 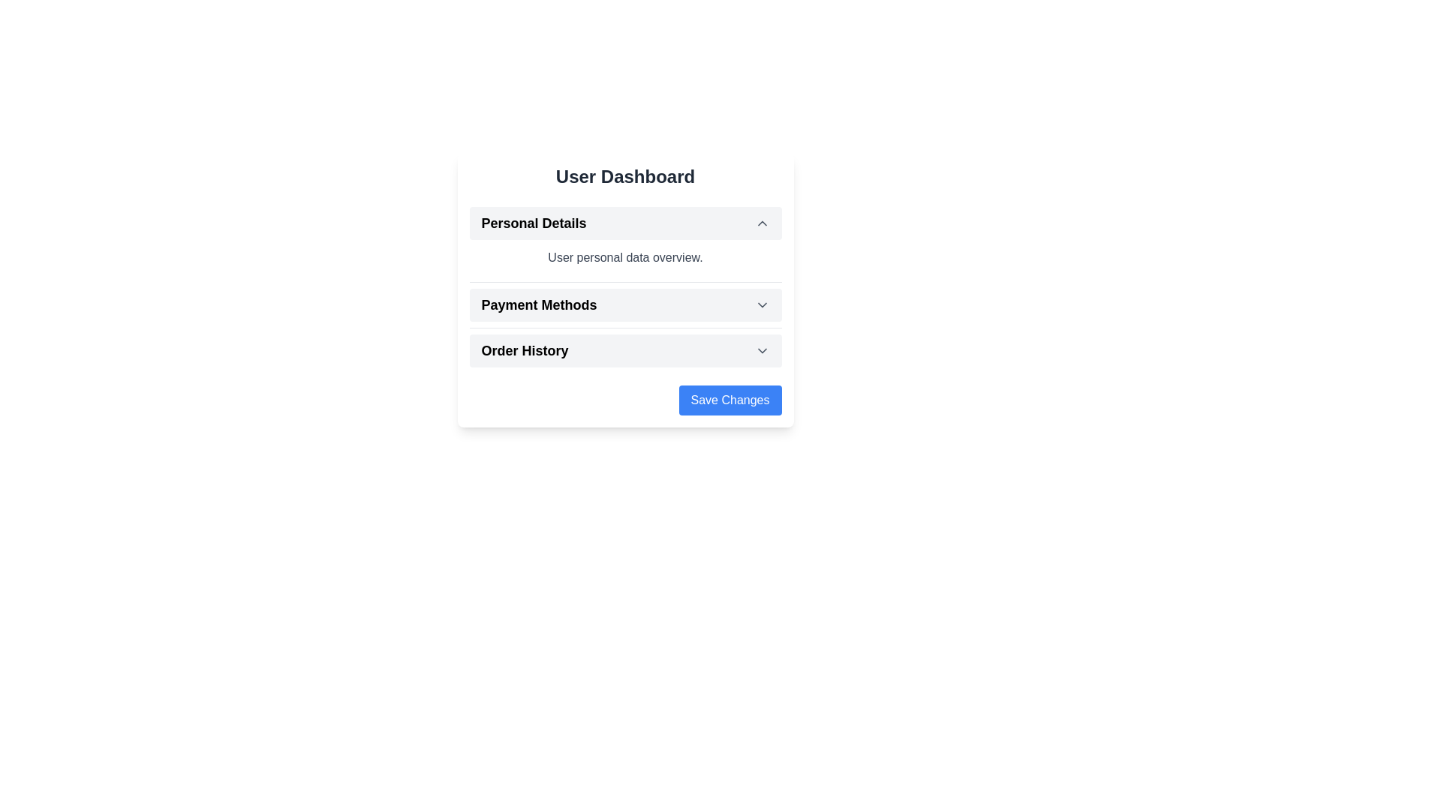 I want to click on the 'Payment Methods' label, which is a bold text string located centrally in the second option of a vertical menu, between 'Personal Details' and 'Order History', so click(x=539, y=304).